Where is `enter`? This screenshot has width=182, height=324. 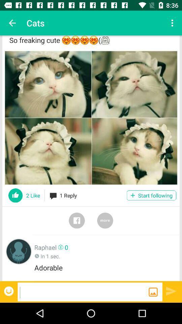 enter is located at coordinates (171, 291).